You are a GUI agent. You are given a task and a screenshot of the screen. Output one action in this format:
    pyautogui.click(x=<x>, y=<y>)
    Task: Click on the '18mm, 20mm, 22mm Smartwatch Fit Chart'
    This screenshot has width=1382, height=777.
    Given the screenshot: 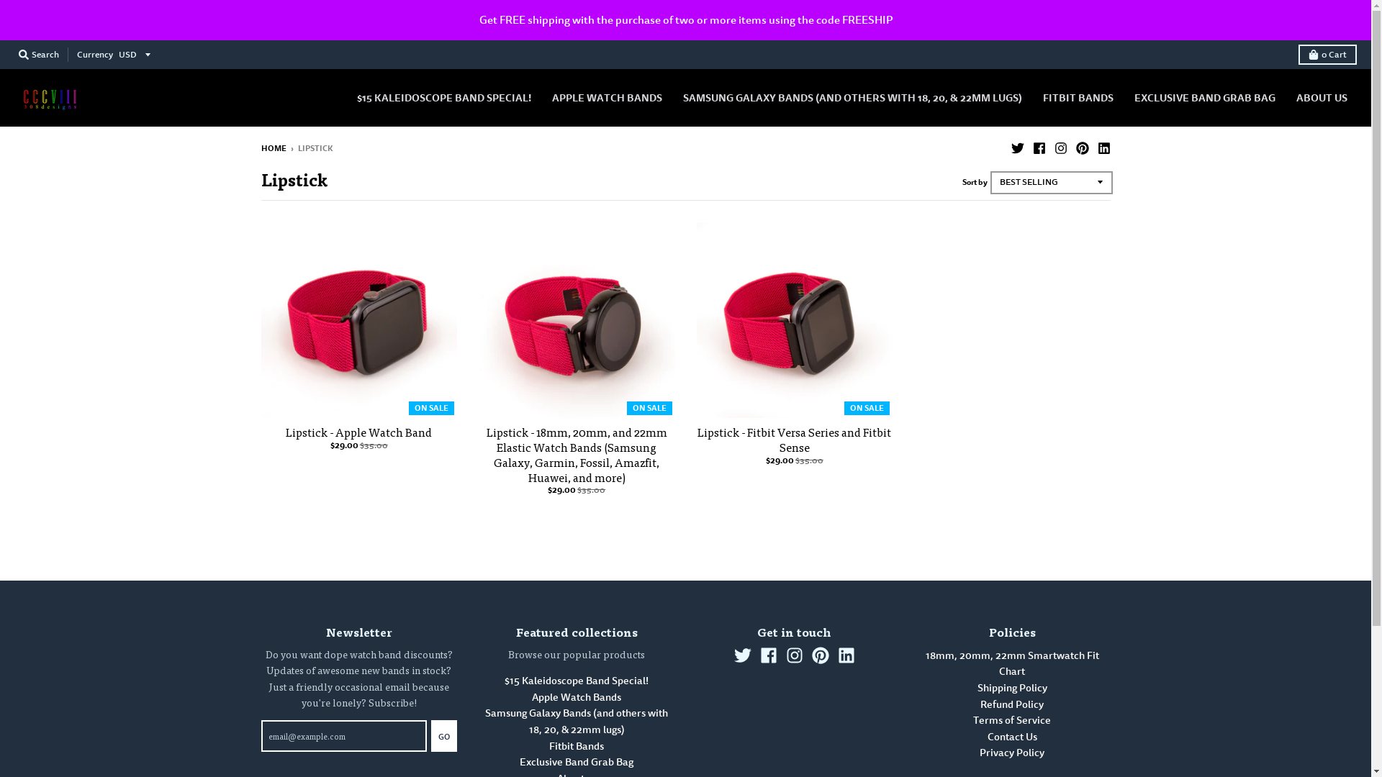 What is the action you would take?
    pyautogui.click(x=1011, y=663)
    